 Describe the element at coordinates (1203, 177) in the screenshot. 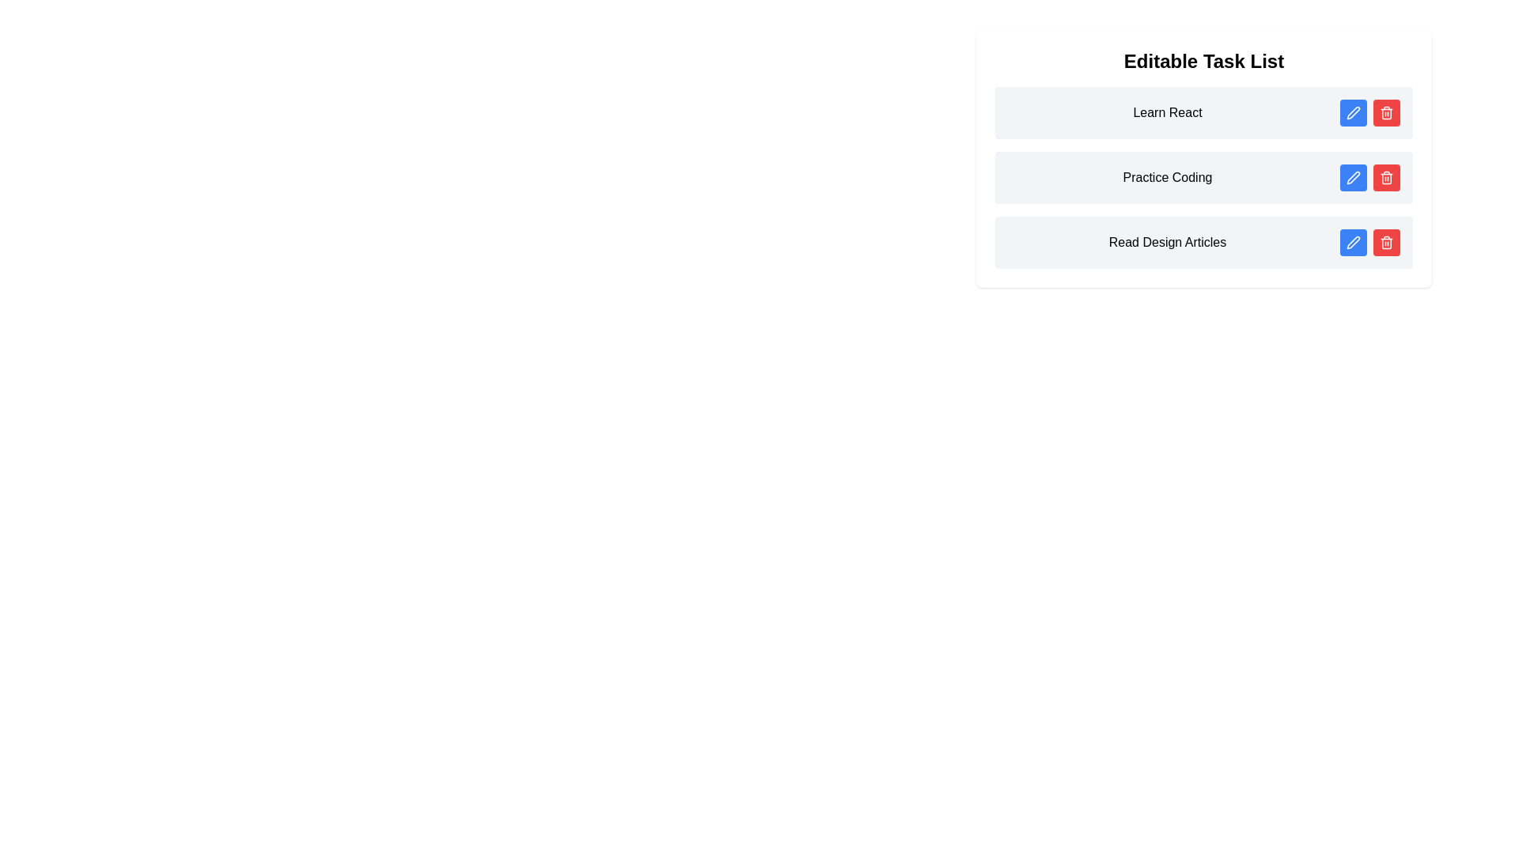

I see `the 'Practice Coding' task item in the task list to emphasize it` at that location.